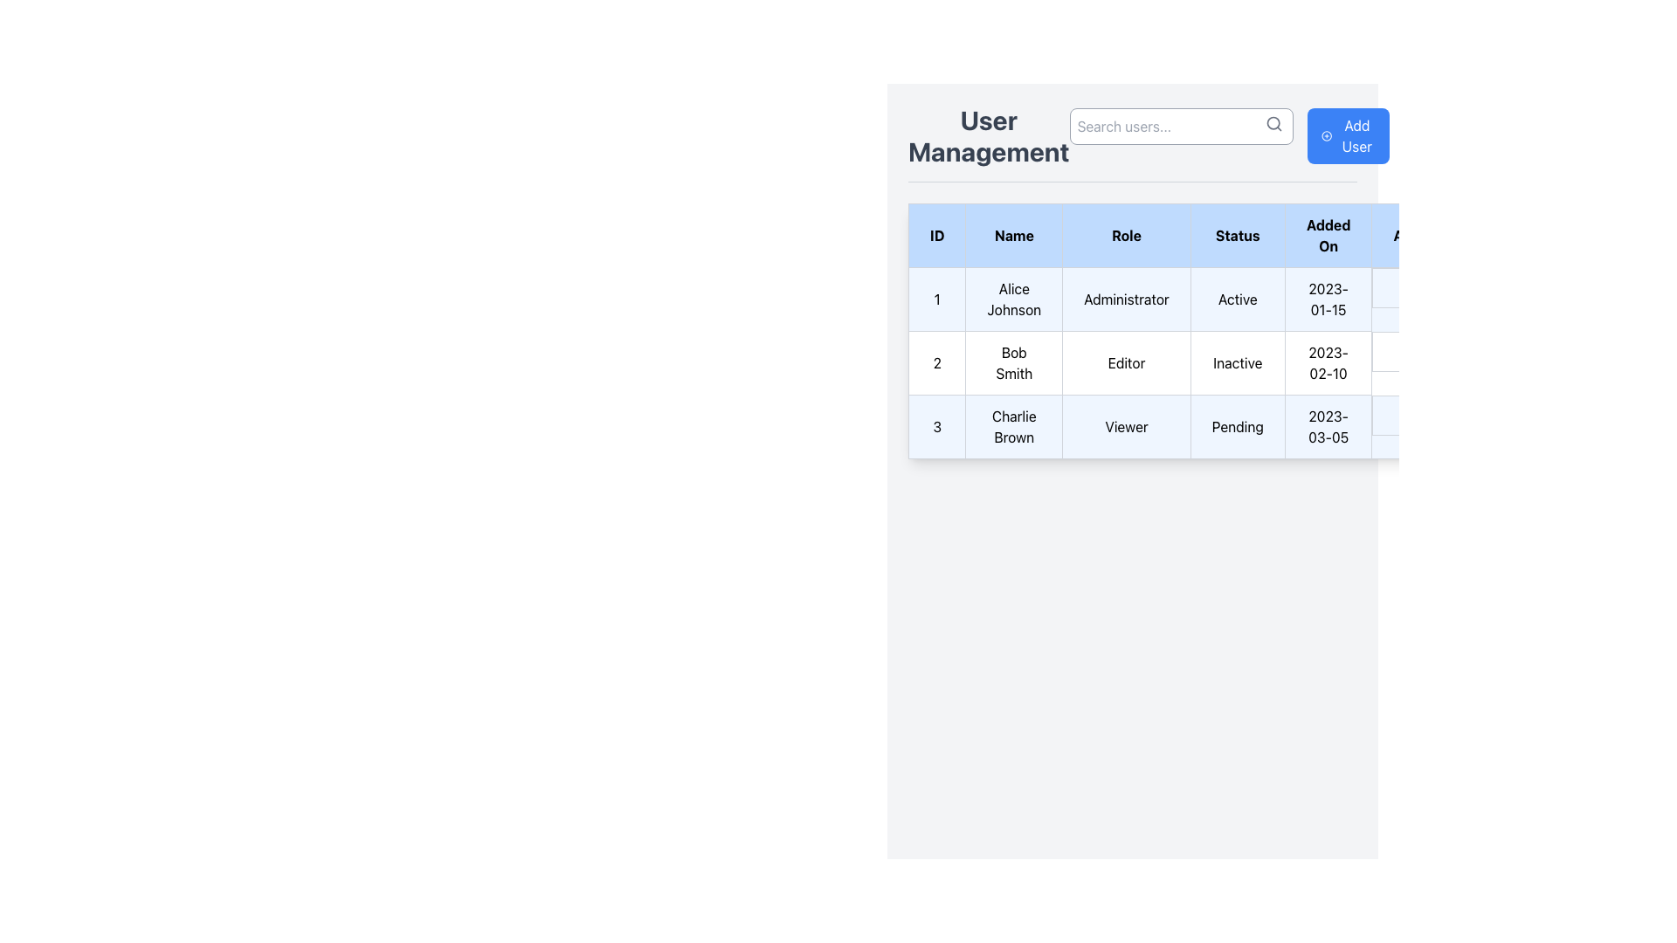 This screenshot has width=1677, height=943. I want to click on the text label in the first column of the row containing the data for 'Charlie Brown', which serves as an identifier for the entry's position in the User Management table, so click(936, 427).